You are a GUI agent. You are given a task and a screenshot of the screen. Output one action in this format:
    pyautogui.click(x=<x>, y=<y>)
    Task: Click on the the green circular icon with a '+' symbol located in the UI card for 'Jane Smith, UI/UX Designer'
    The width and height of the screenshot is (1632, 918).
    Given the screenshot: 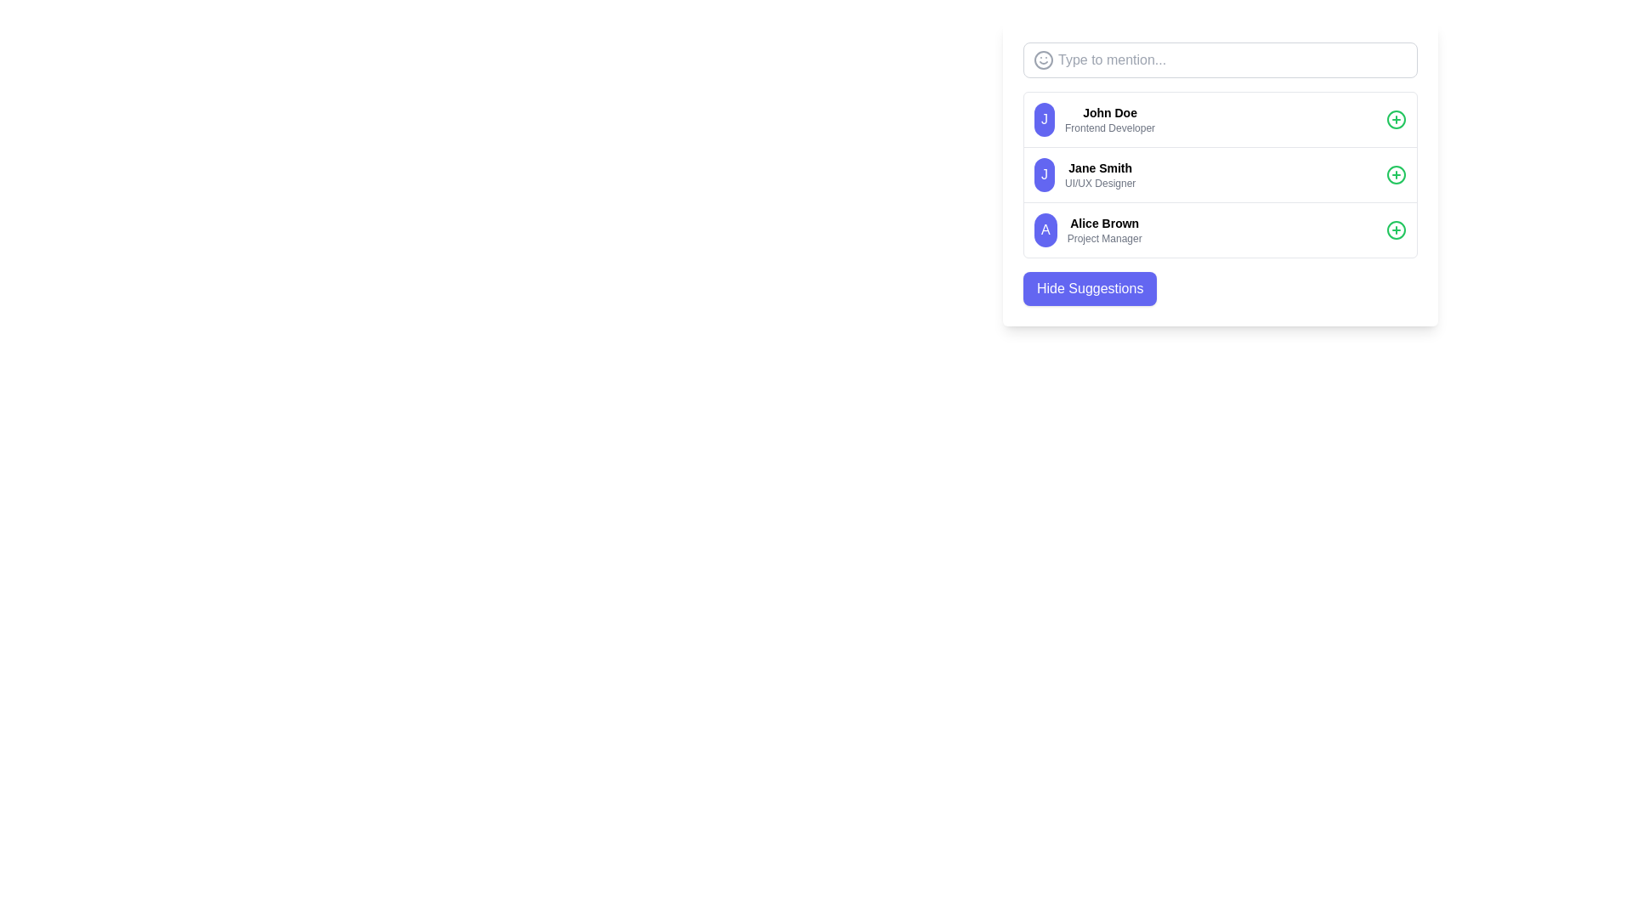 What is the action you would take?
    pyautogui.click(x=1396, y=174)
    